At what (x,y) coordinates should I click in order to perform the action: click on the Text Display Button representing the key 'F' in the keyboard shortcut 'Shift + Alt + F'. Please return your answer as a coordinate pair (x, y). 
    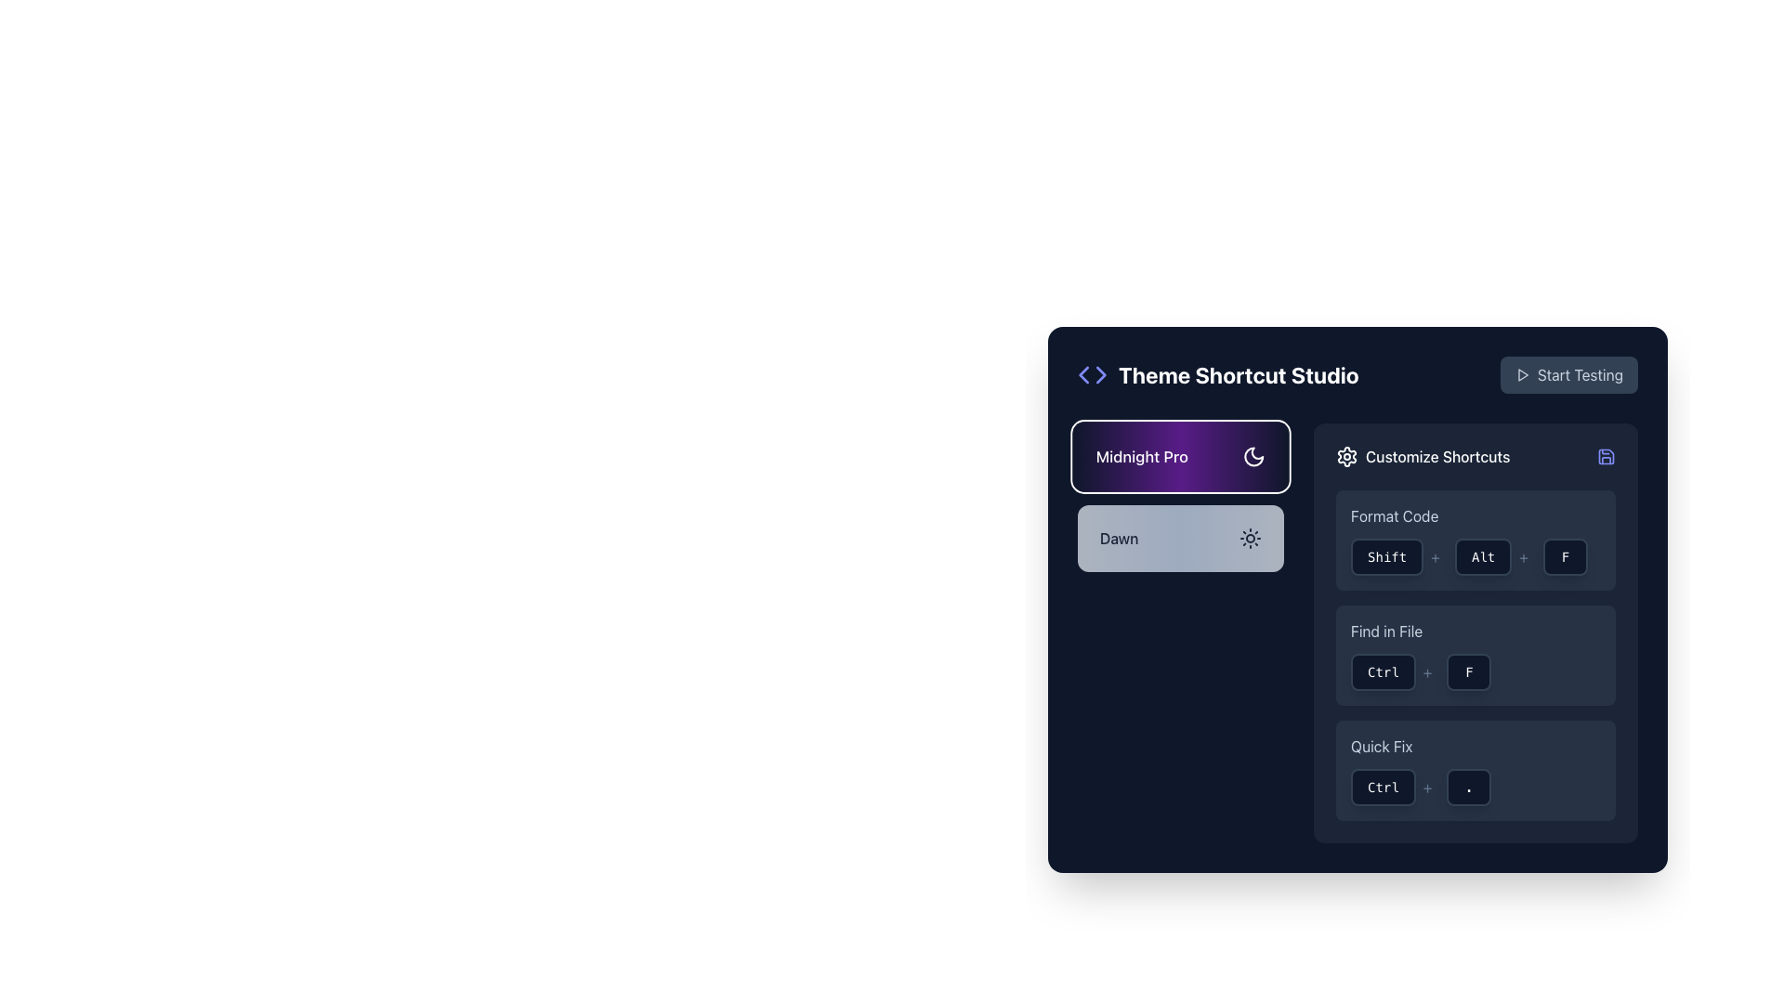
    Looking at the image, I should click on (1564, 556).